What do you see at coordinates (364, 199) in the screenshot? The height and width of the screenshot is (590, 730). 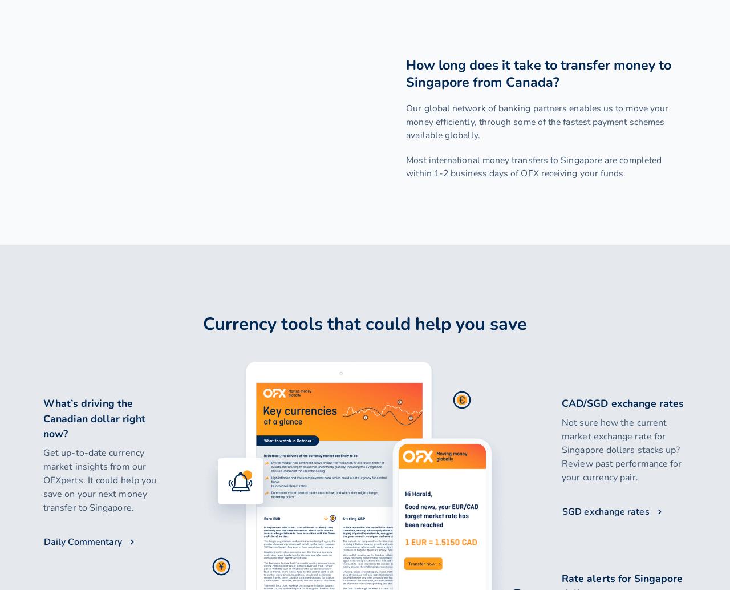 I see `'We make no recommendation as to the merits of any financial product referred to on this website.'` at bounding box center [364, 199].